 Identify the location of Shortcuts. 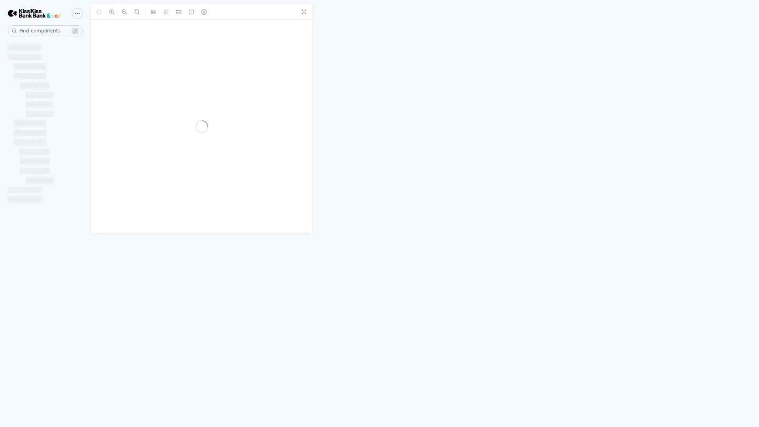
(77, 13).